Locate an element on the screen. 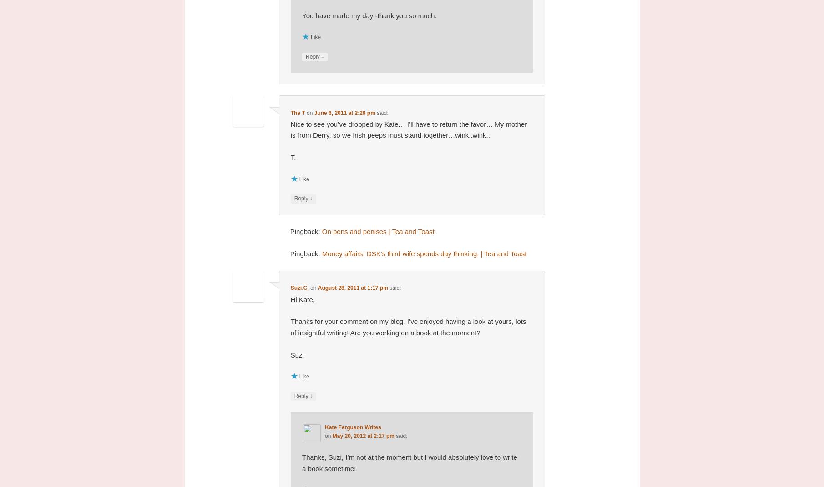  'June 6, 2011 at 2:29 pm' is located at coordinates (344, 112).